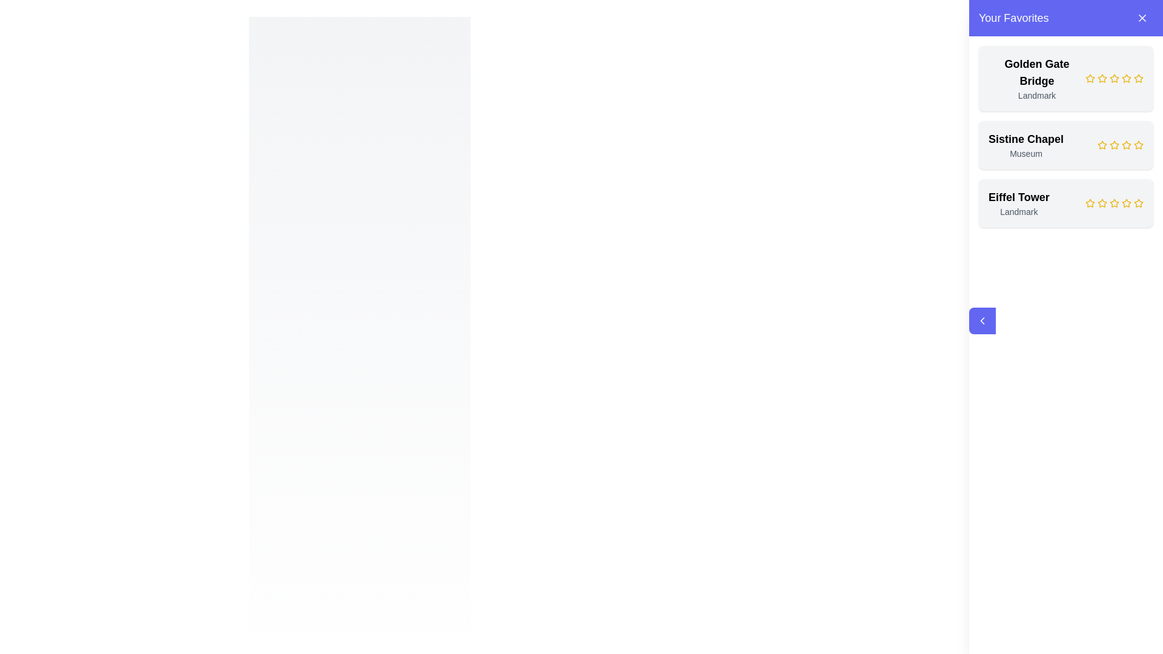  Describe the element at coordinates (1102, 144) in the screenshot. I see `the second star-shaped rating icon in yellow, located under the 'Your Favorites' header in the 'Sistine Chapel' rating section` at that location.